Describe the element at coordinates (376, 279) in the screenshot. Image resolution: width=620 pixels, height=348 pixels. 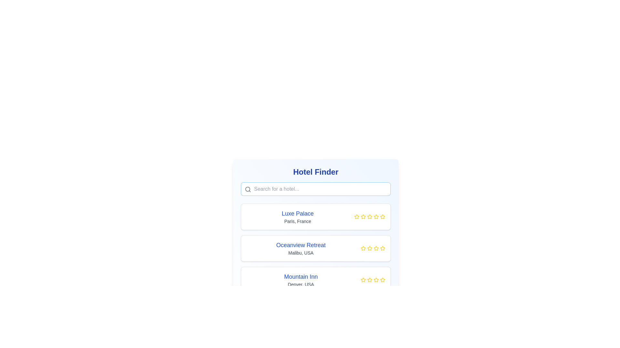
I see `the fifth yellow star icon` at that location.